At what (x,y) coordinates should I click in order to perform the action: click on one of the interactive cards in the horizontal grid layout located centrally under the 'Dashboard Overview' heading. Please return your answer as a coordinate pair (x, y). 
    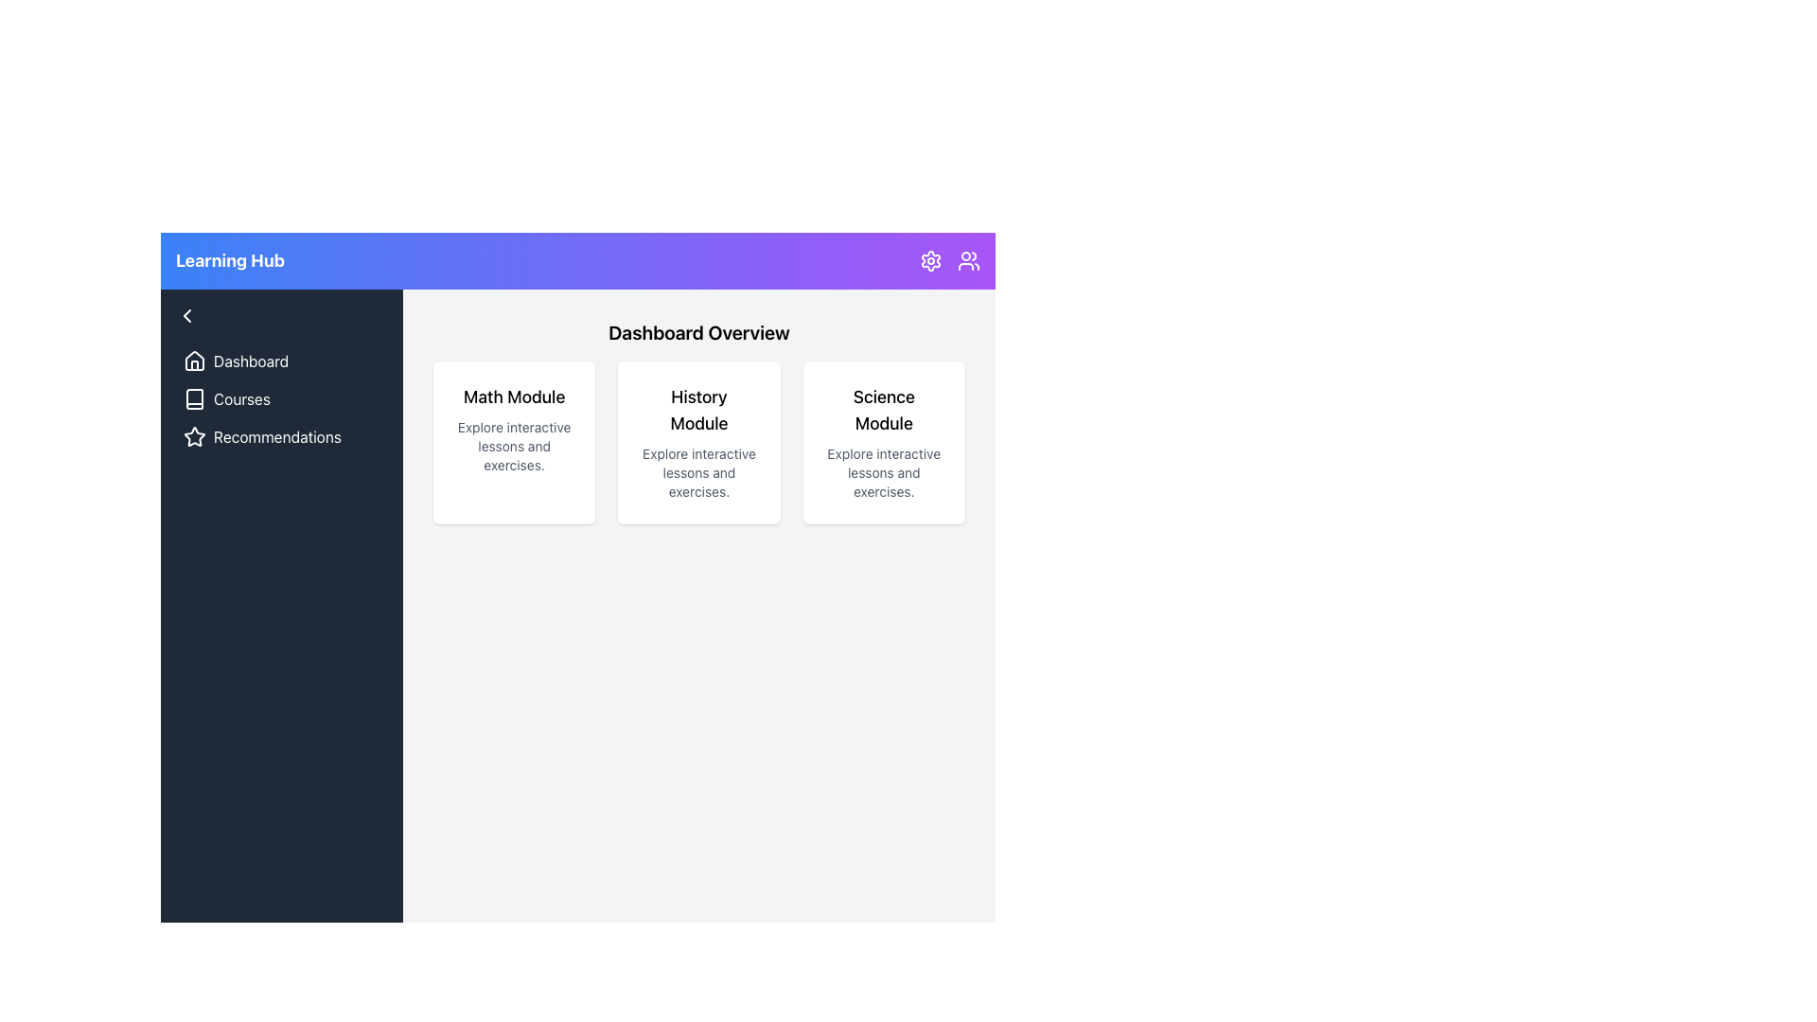
    Looking at the image, I should click on (698, 442).